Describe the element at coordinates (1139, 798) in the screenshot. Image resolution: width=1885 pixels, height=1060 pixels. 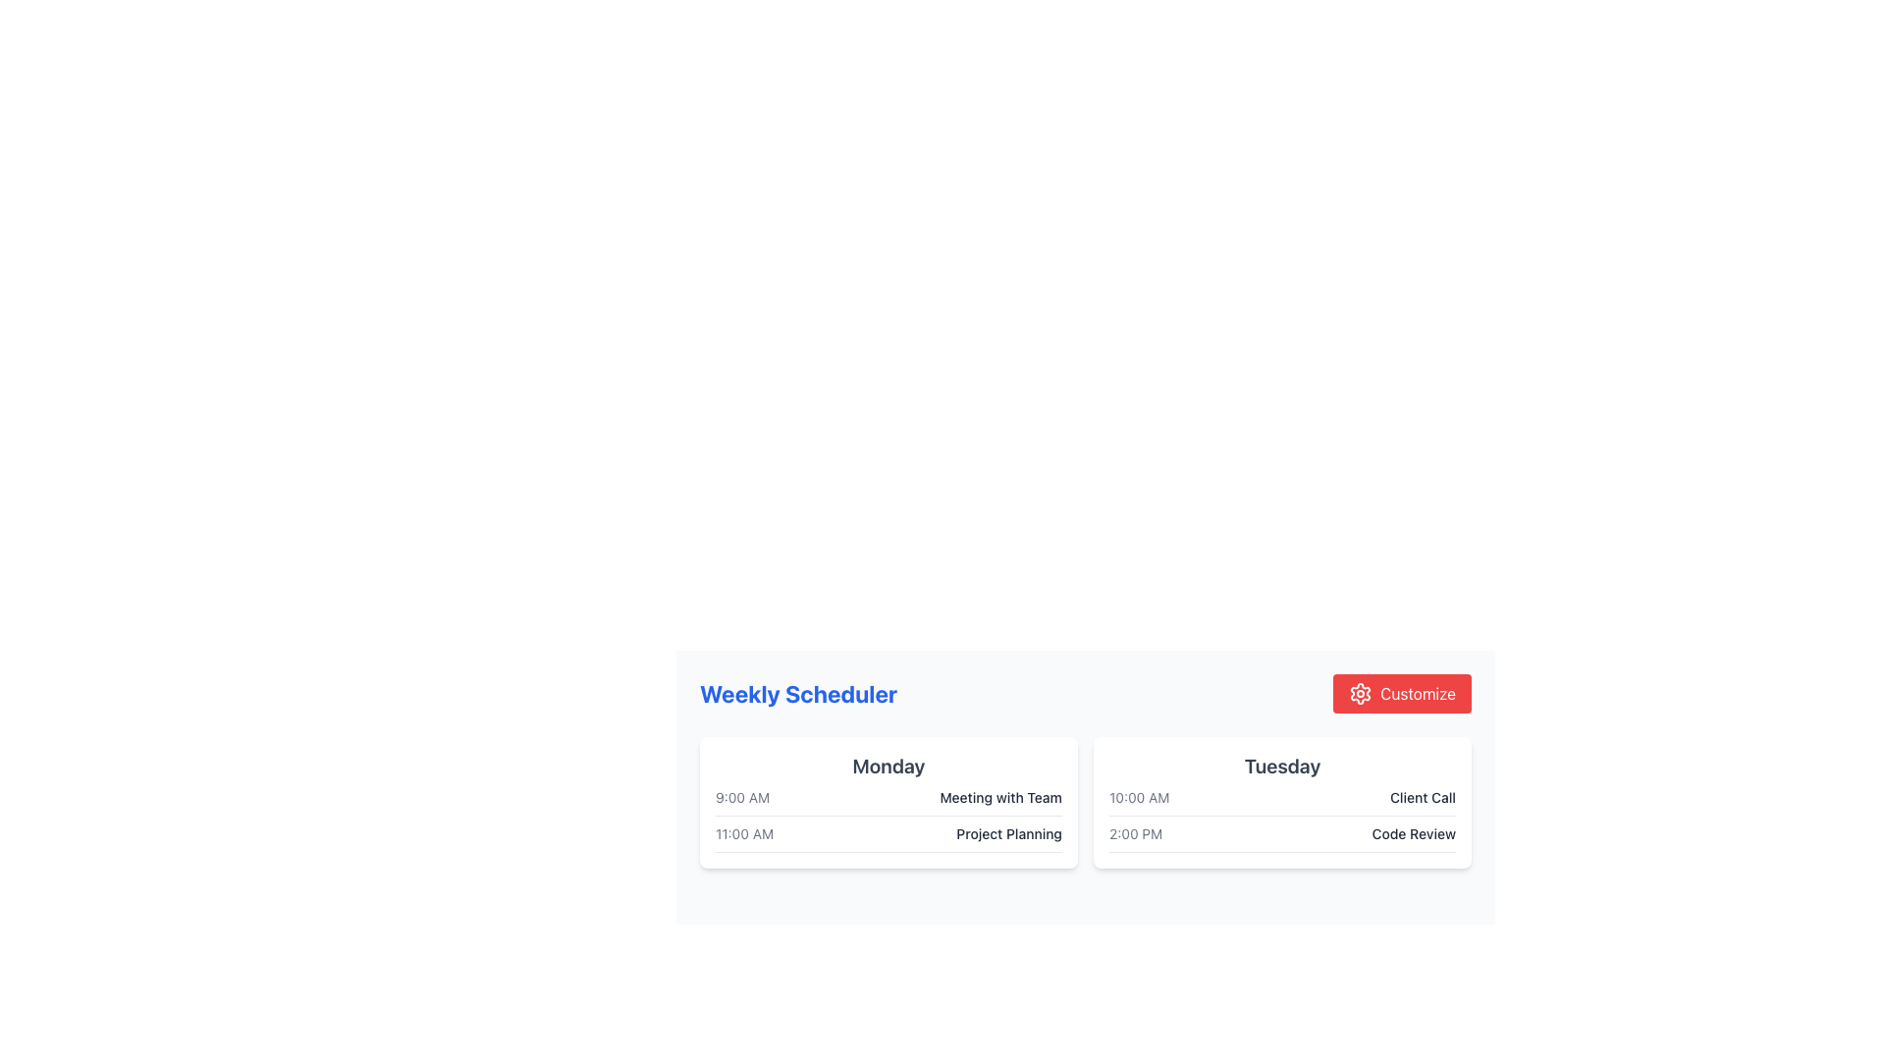
I see `the static text label indicating '10:00 AM' associated with 'Client Call' in the Tuesday column of the schedule layout` at that location.